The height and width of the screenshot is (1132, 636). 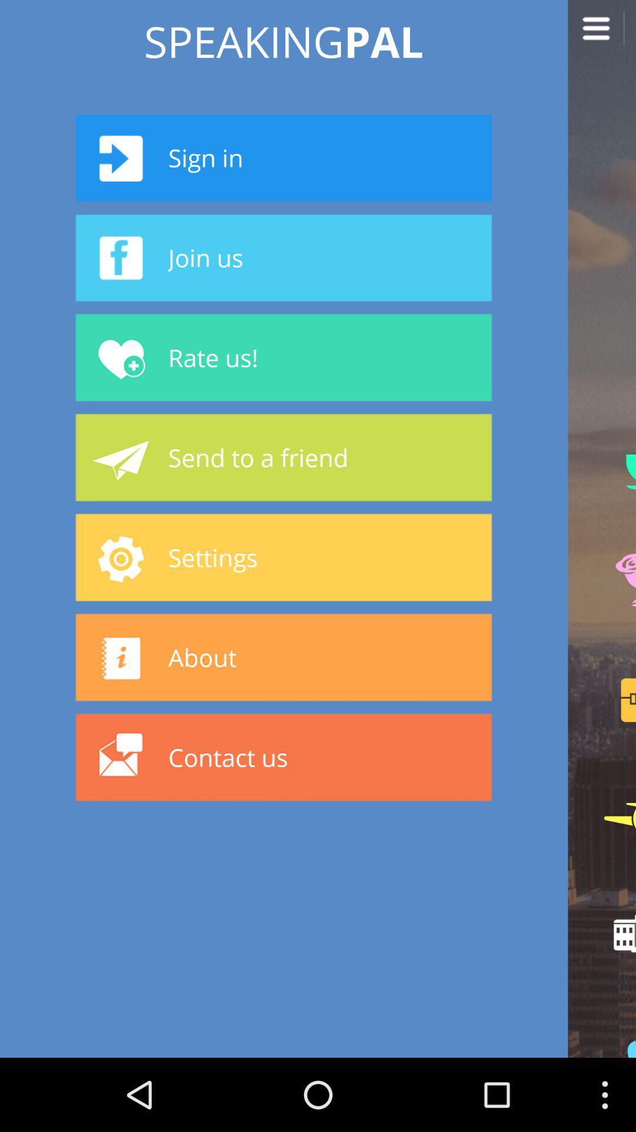 What do you see at coordinates (602, 34) in the screenshot?
I see `meanu option` at bounding box center [602, 34].